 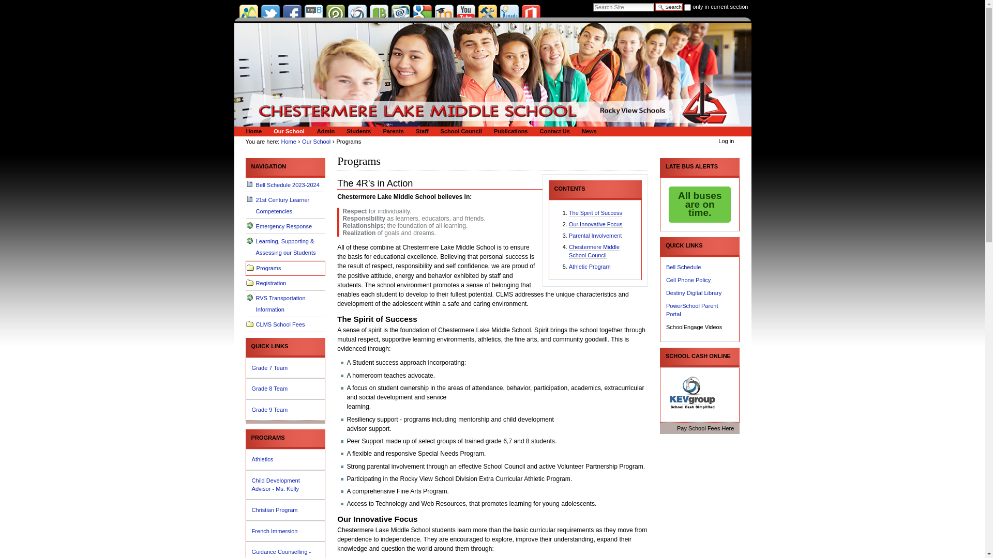 I want to click on 'YouTube', so click(x=465, y=13).